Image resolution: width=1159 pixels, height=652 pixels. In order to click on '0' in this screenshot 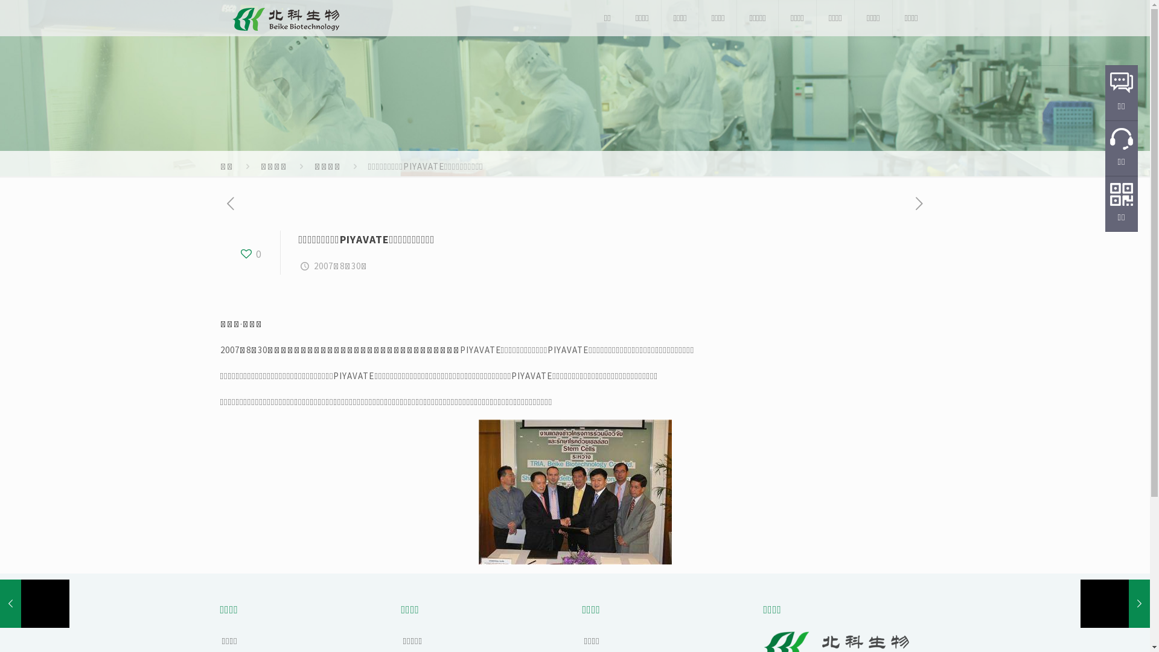, I will do `click(249, 253)`.